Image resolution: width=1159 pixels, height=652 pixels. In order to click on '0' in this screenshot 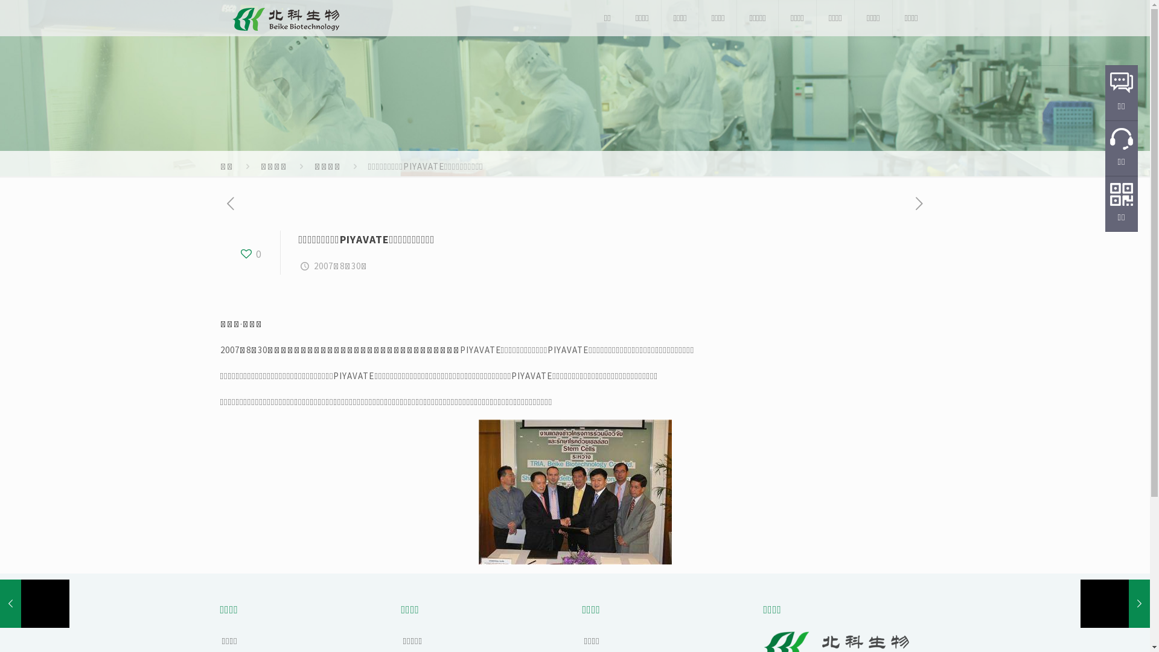, I will do `click(249, 253)`.